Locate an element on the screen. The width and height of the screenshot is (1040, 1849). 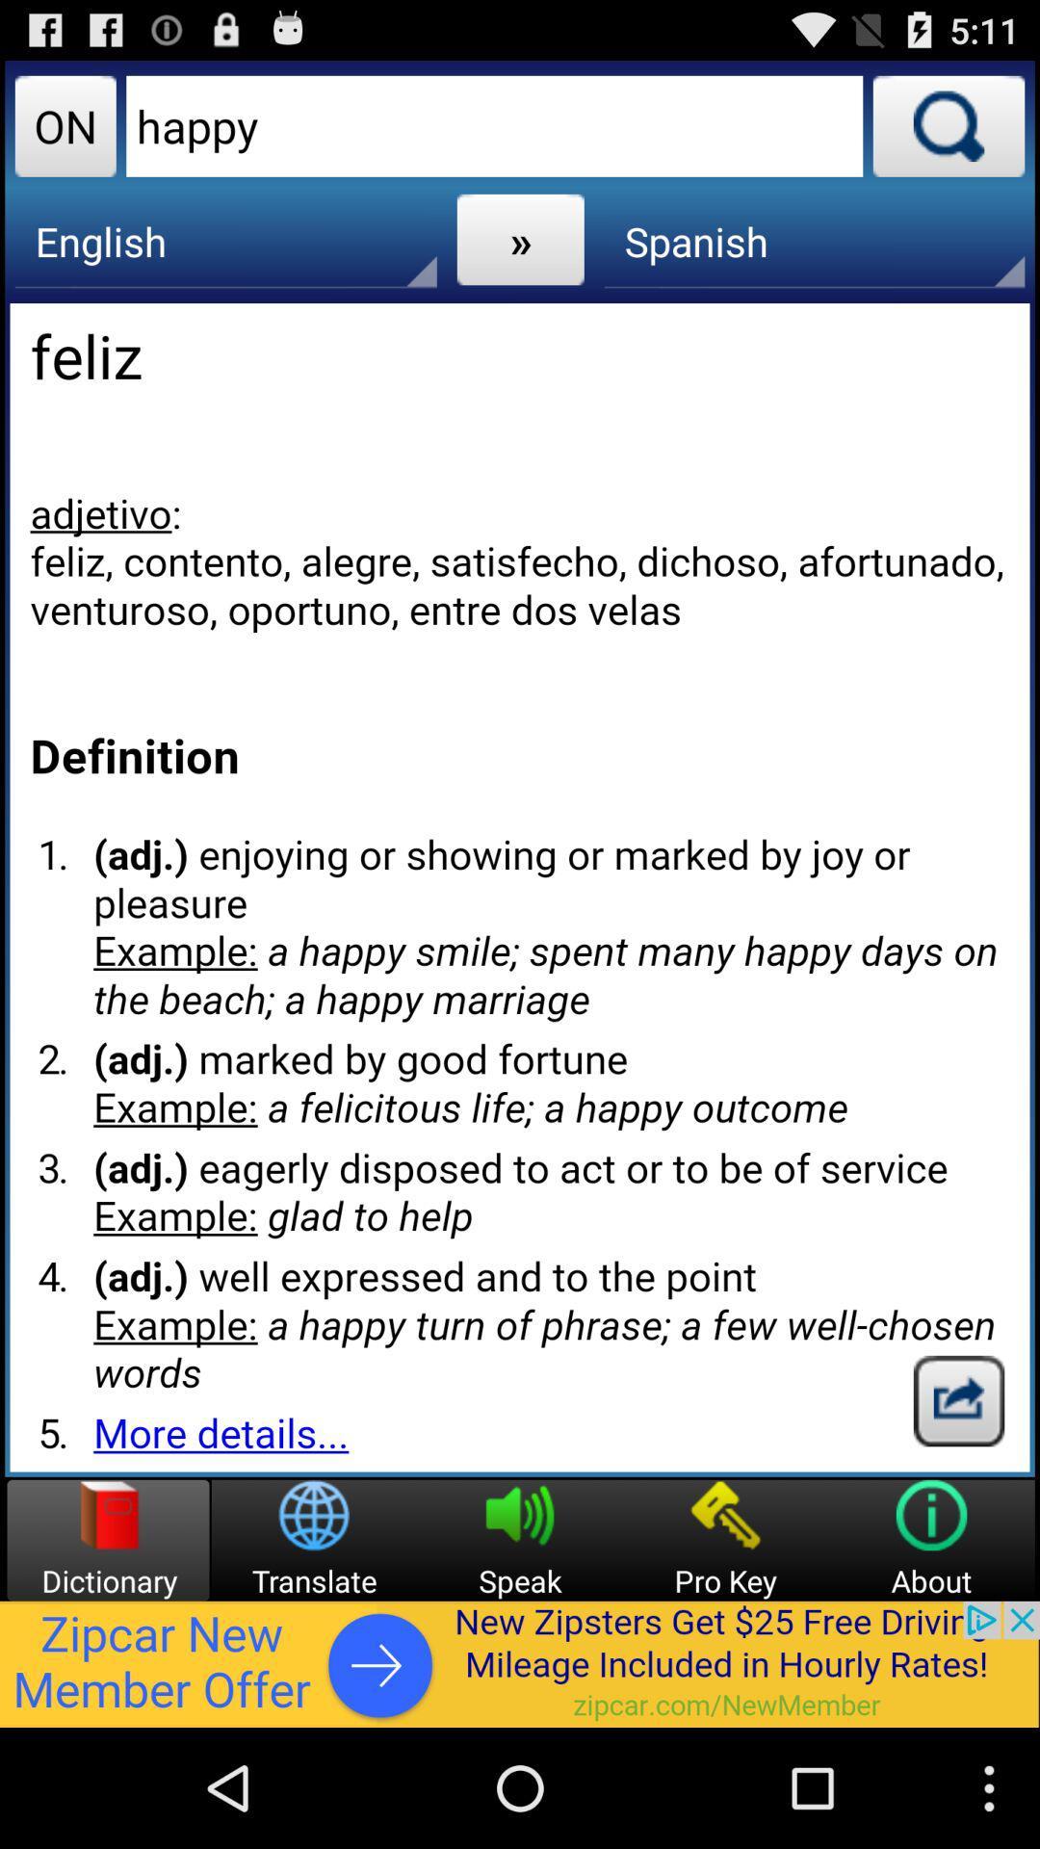
google is located at coordinates (958, 1400).